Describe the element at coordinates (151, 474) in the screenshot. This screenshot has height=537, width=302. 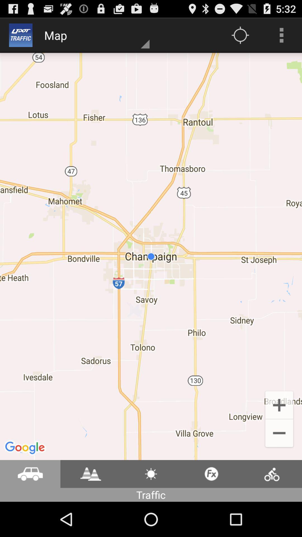
I see `find weather` at that location.